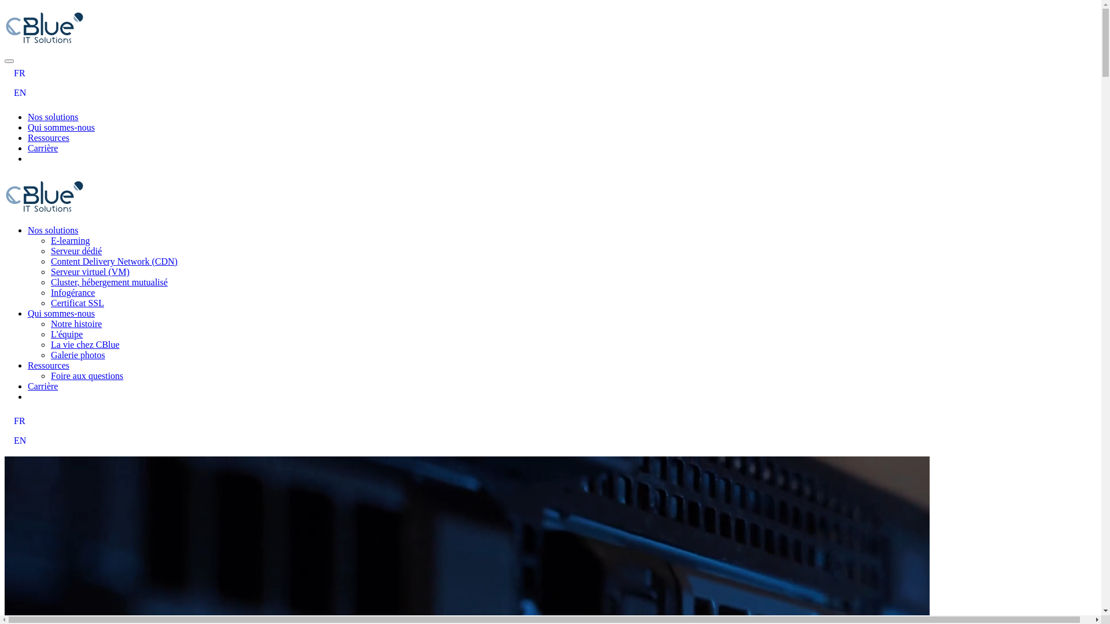  What do you see at coordinates (50, 344) in the screenshot?
I see `'La vie chez CBlue'` at bounding box center [50, 344].